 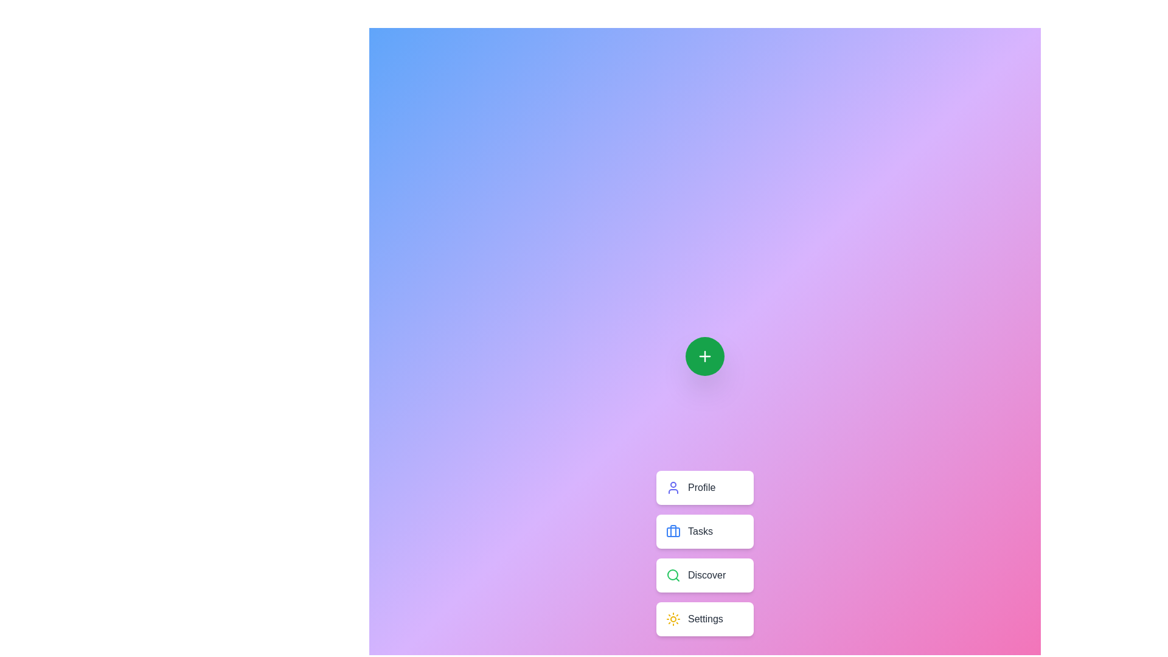 I want to click on the 'Discover' button, so click(x=704, y=575).